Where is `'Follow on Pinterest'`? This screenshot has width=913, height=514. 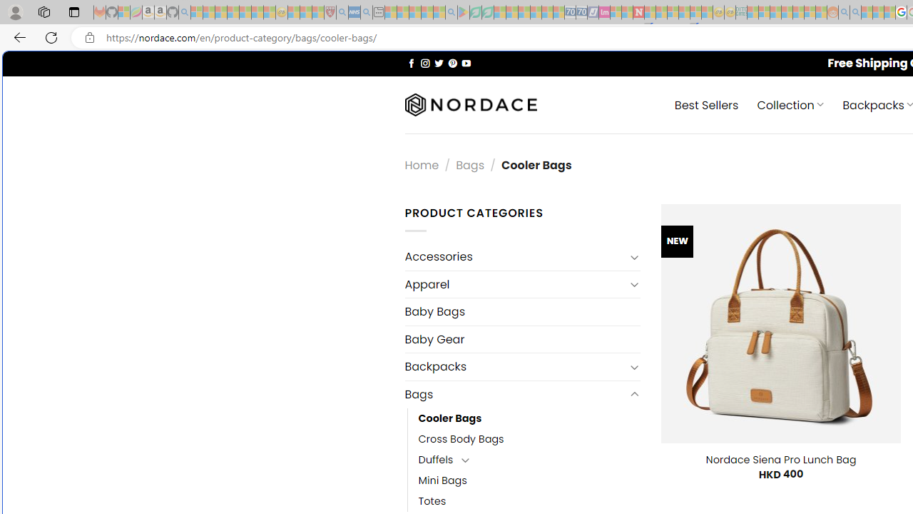 'Follow on Pinterest' is located at coordinates (452, 62).